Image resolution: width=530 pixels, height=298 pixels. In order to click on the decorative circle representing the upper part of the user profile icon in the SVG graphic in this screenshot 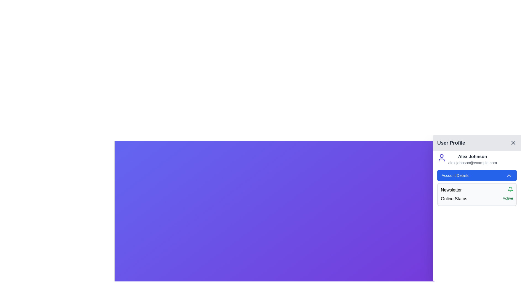, I will do `click(441, 156)`.